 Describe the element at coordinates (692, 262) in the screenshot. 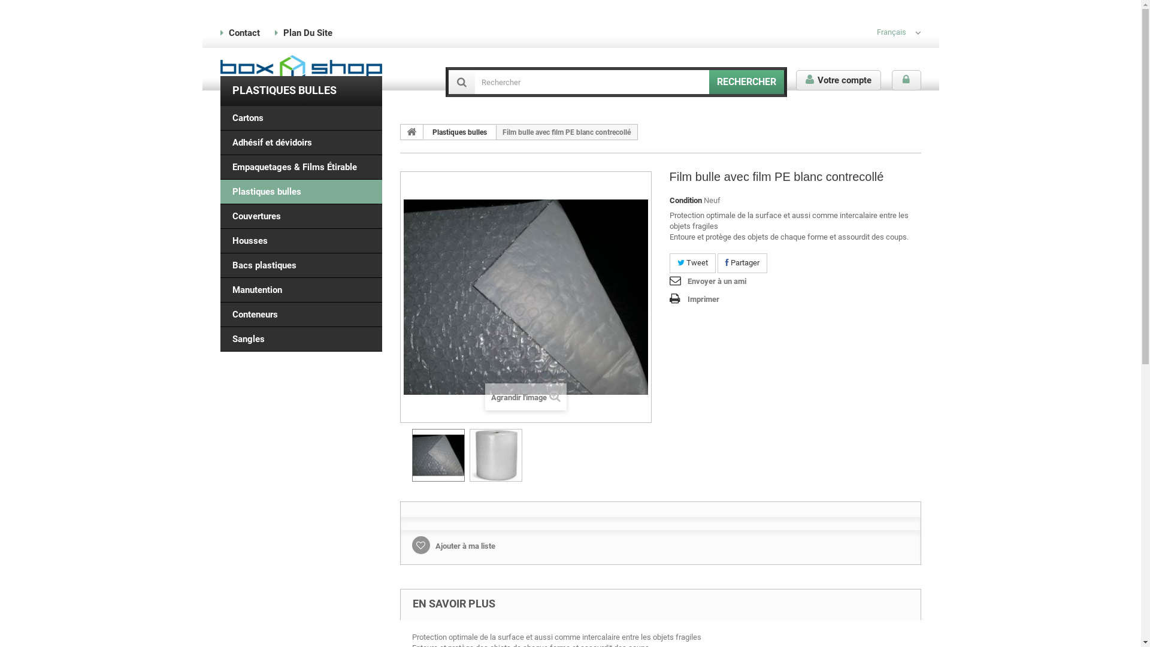

I see `'Tweet'` at that location.